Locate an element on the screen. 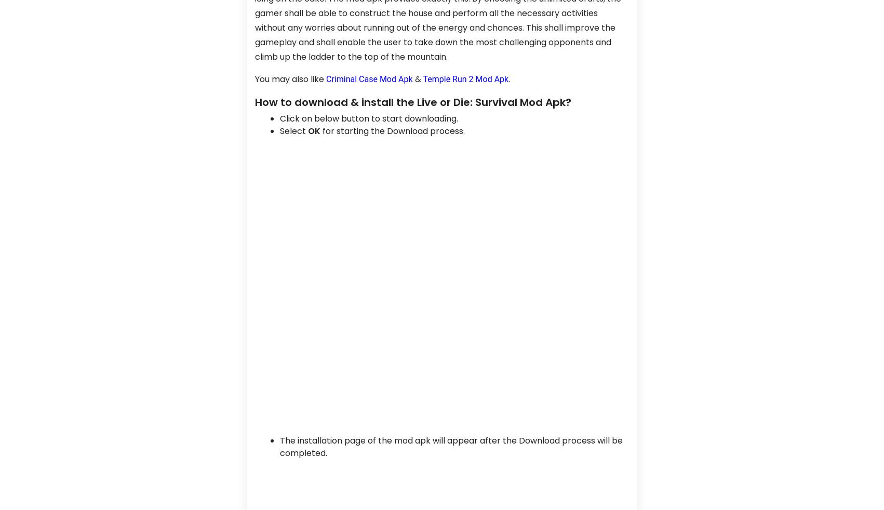 This screenshot has width=884, height=510. '.' is located at coordinates (509, 78).